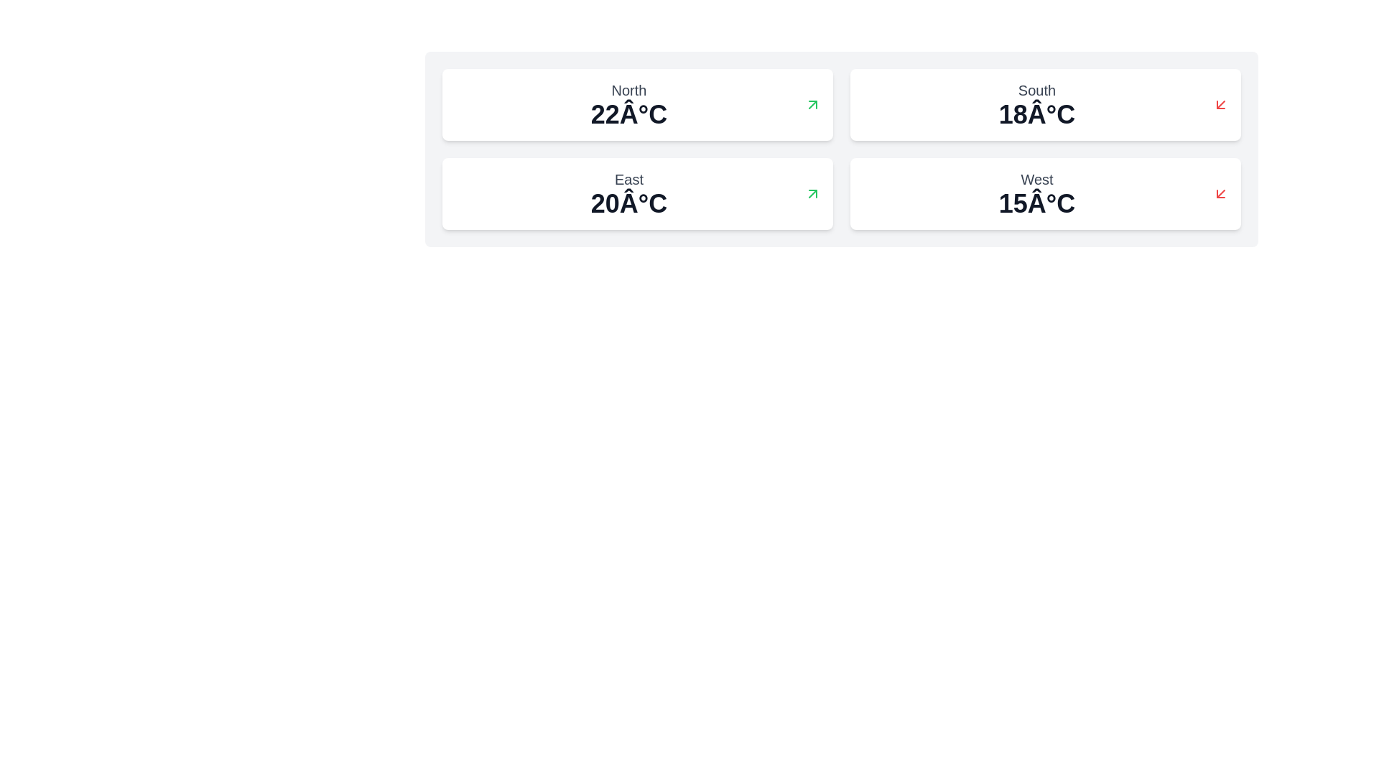  Describe the element at coordinates (628, 204) in the screenshot. I see `the static text displaying '20Â°C' in bold and large font, located within the 'East' panel of the temperature grid layout` at that location.